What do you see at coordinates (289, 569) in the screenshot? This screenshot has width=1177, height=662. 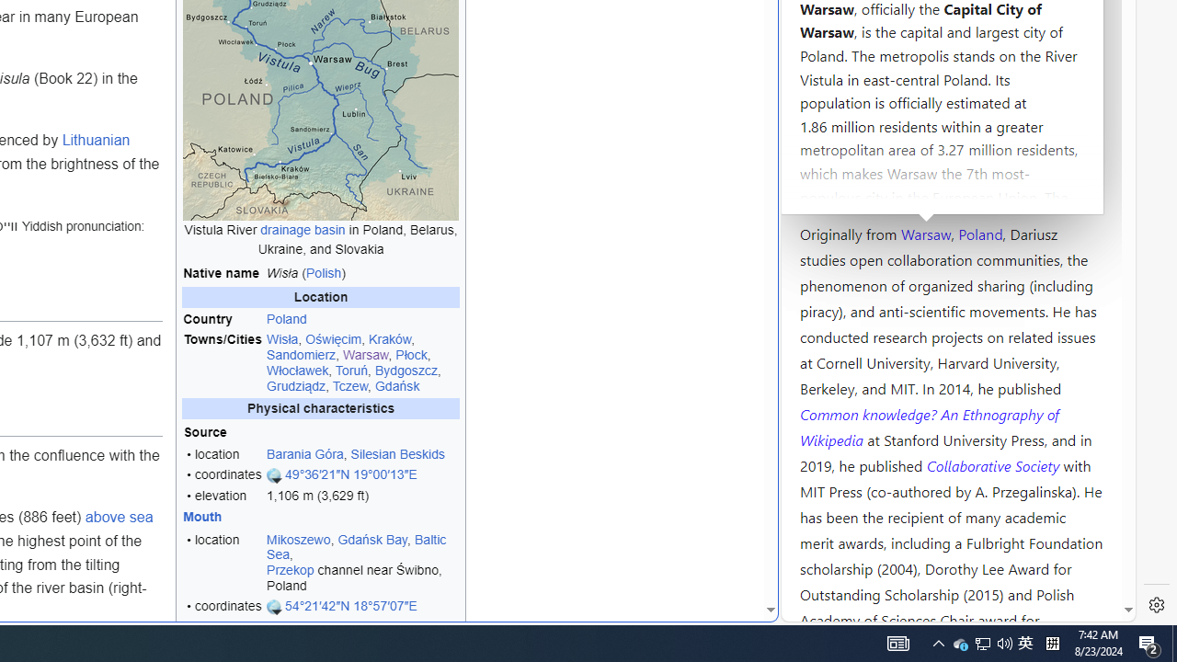 I see `'Przekop'` at bounding box center [289, 569].